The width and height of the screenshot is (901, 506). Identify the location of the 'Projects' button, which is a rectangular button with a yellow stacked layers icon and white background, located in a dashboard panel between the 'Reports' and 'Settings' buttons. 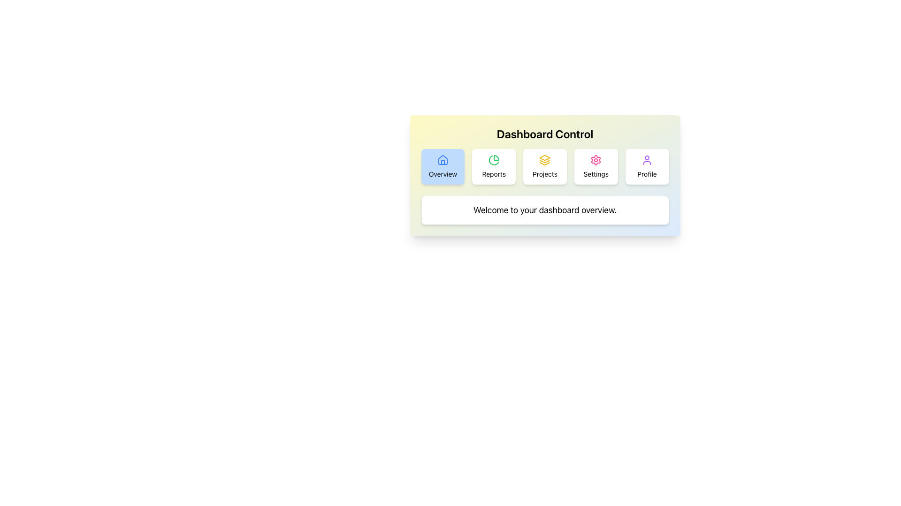
(545, 166).